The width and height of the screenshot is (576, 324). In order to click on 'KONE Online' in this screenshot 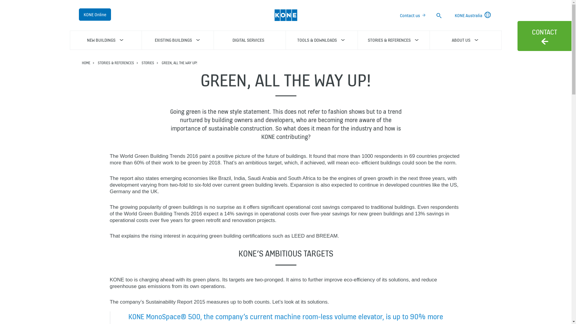, I will do `click(94, 14)`.